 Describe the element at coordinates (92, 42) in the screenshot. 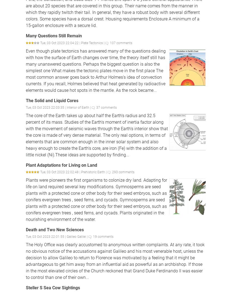

I see `'Plate Tectonics'` at that location.